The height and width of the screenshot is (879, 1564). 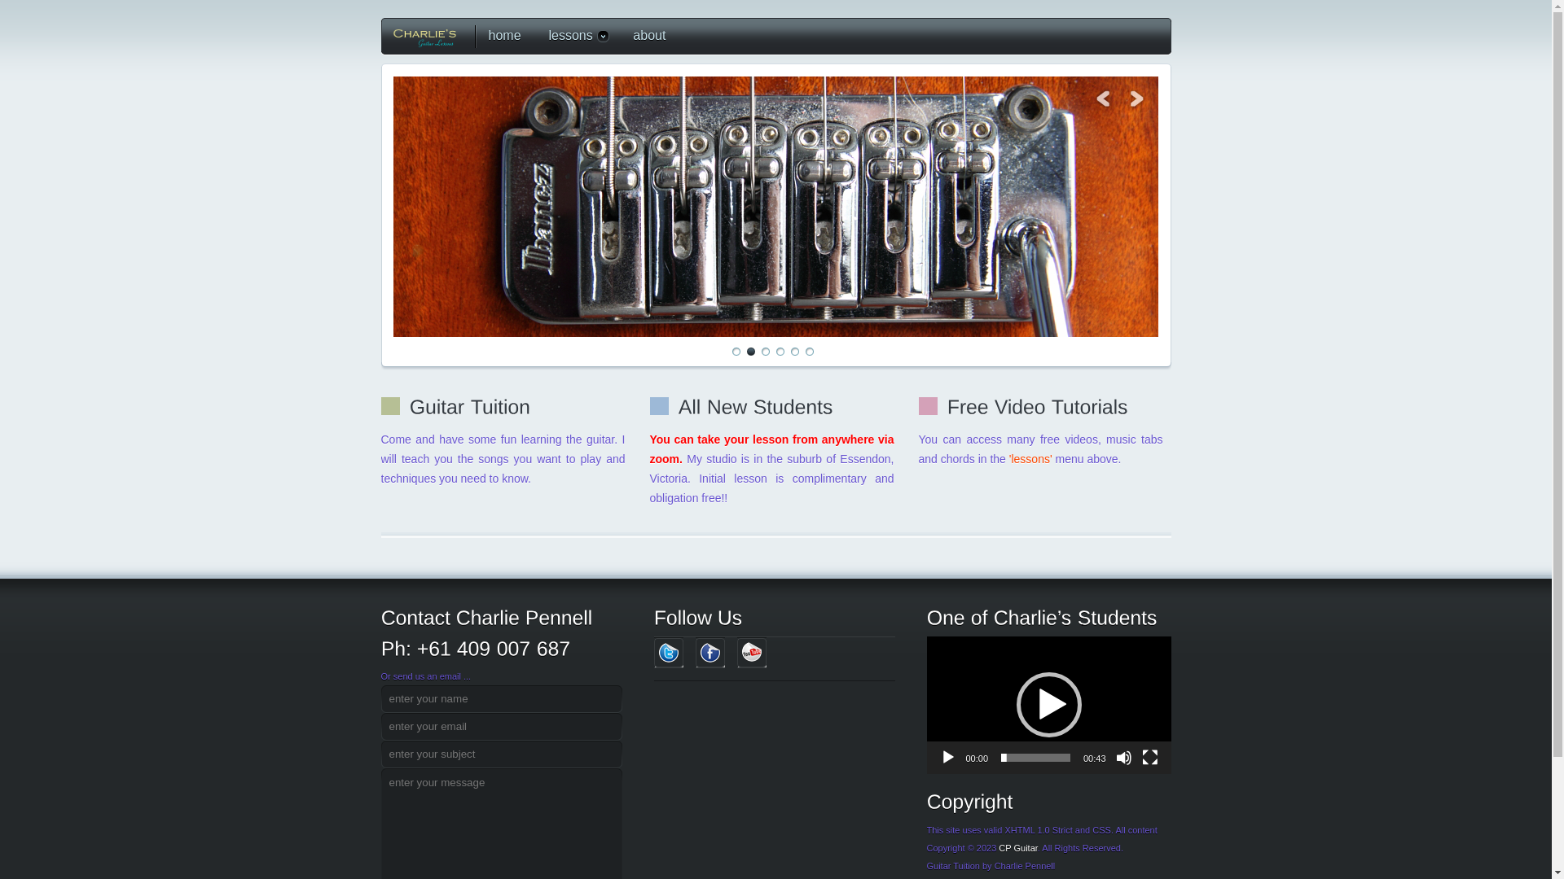 What do you see at coordinates (764, 351) in the screenshot?
I see `'3'` at bounding box center [764, 351].